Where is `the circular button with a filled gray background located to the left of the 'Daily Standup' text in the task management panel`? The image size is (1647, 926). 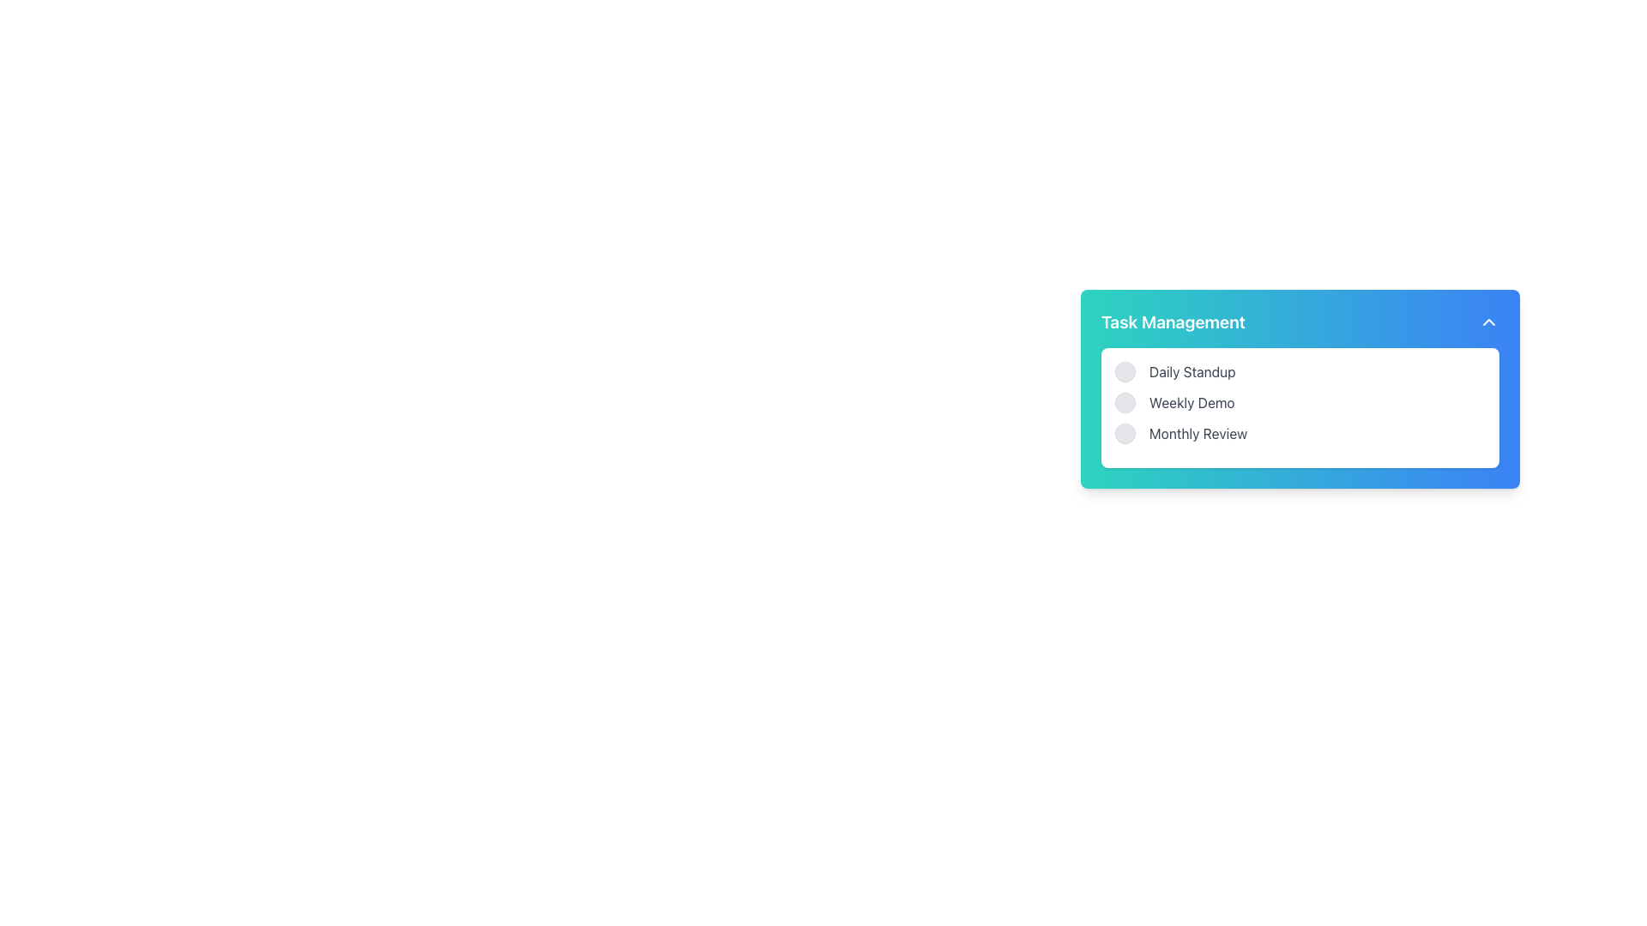 the circular button with a filled gray background located to the left of the 'Daily Standup' text in the task management panel is located at coordinates (1125, 371).